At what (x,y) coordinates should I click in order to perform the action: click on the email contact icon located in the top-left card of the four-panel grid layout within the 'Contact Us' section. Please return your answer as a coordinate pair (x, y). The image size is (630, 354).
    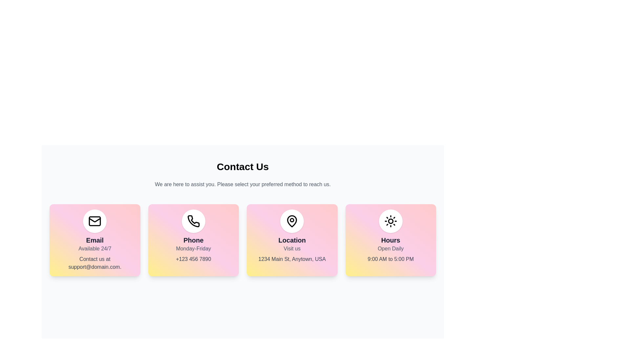
    Looking at the image, I should click on (94, 221).